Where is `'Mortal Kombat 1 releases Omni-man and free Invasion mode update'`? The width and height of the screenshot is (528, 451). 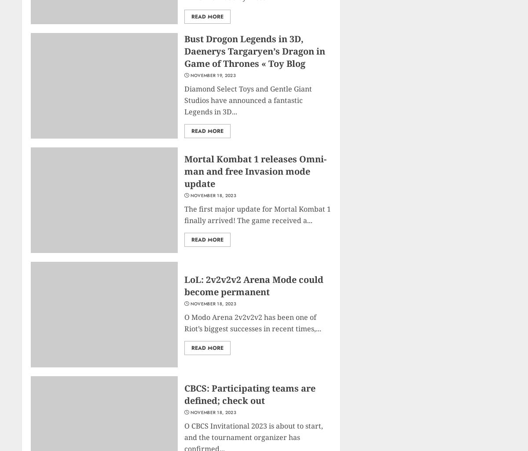 'Mortal Kombat 1 releases Omni-man and free Invasion mode update' is located at coordinates (255, 171).